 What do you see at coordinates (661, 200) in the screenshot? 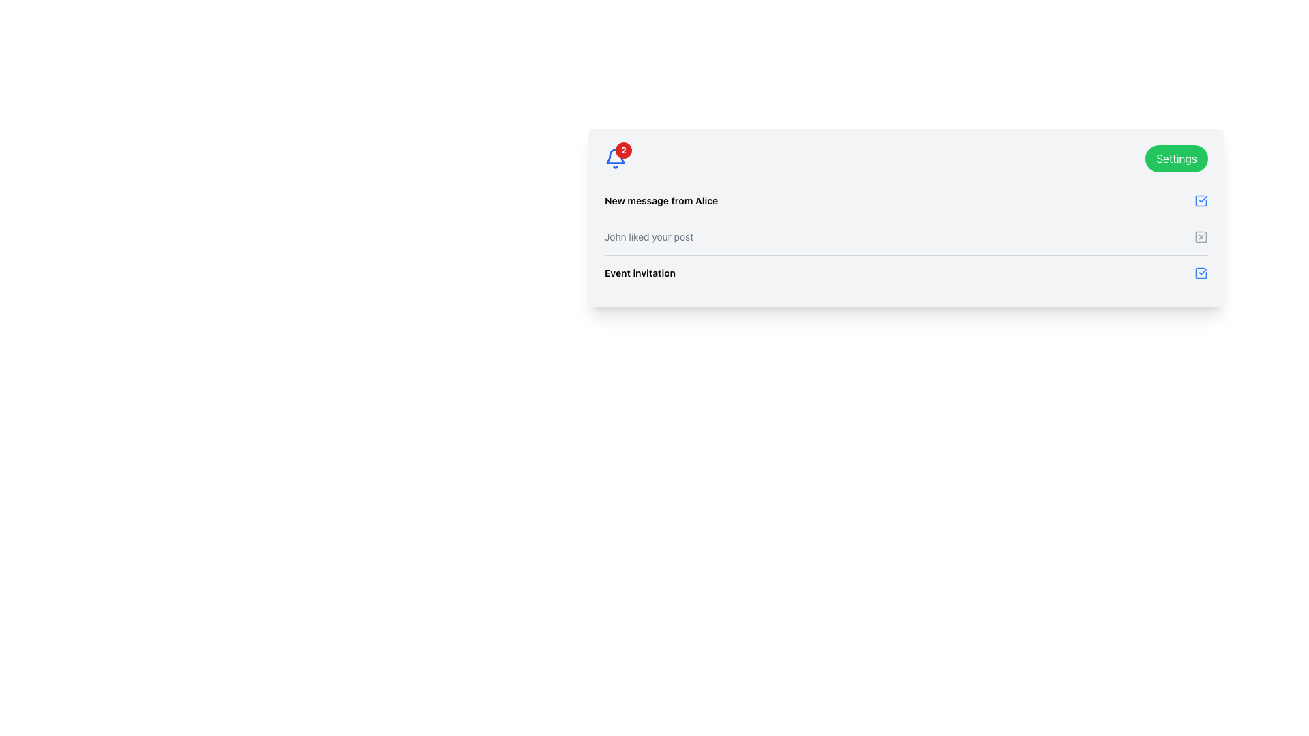
I see `text label displaying 'New message from Alice' which is styled in bold black font and located at the top left corner of the notification panel` at bounding box center [661, 200].